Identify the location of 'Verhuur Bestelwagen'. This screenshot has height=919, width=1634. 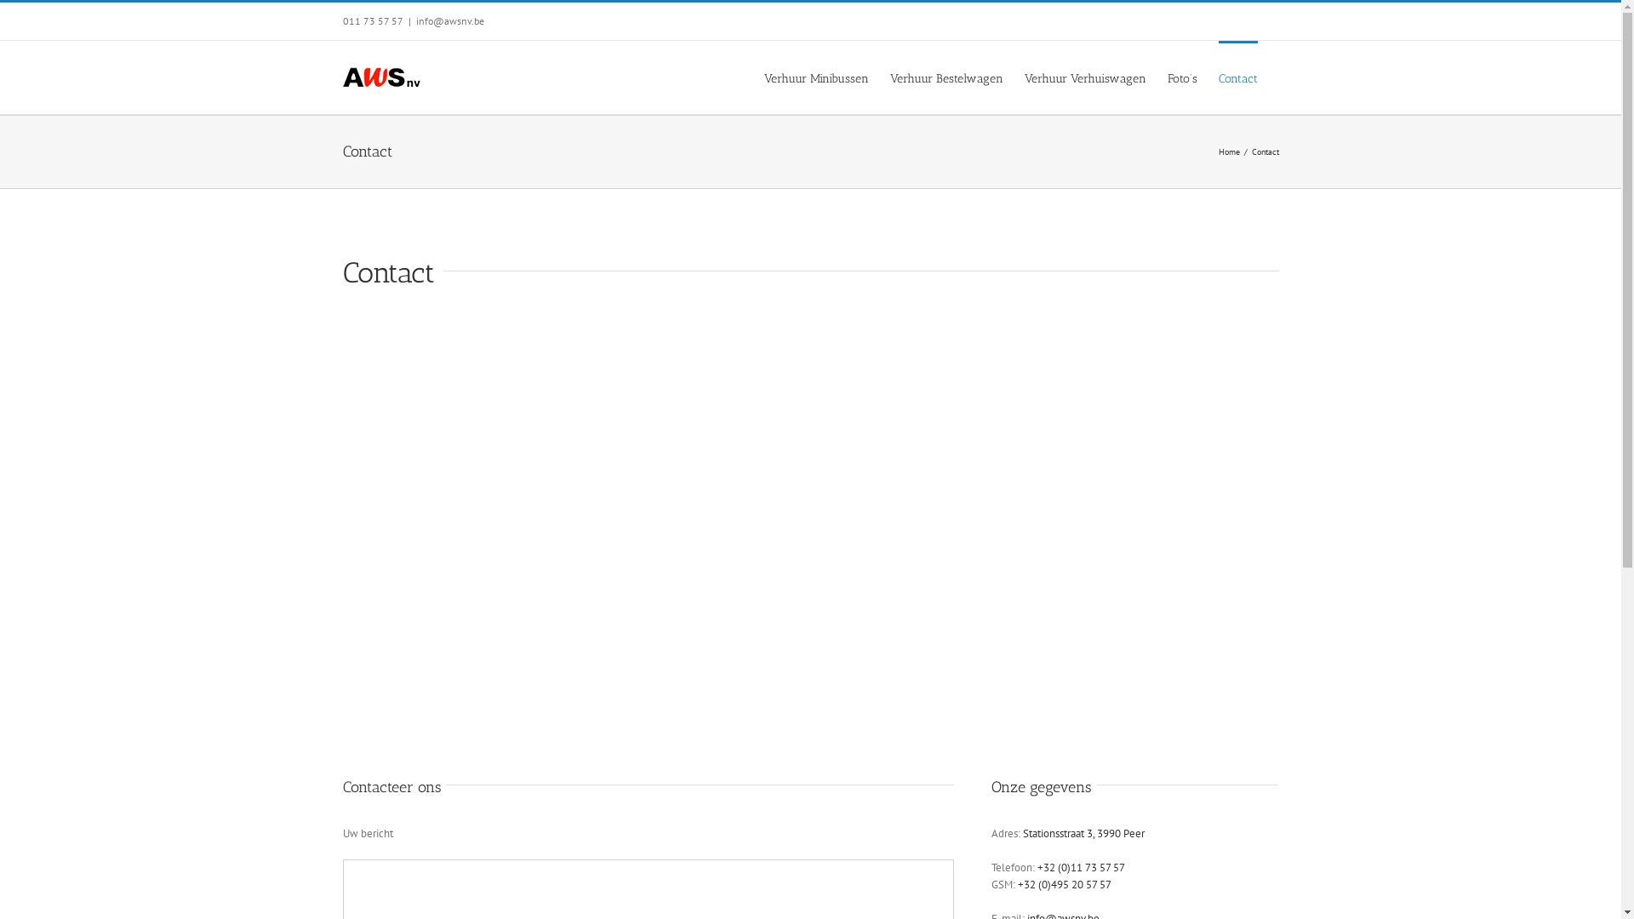
(889, 77).